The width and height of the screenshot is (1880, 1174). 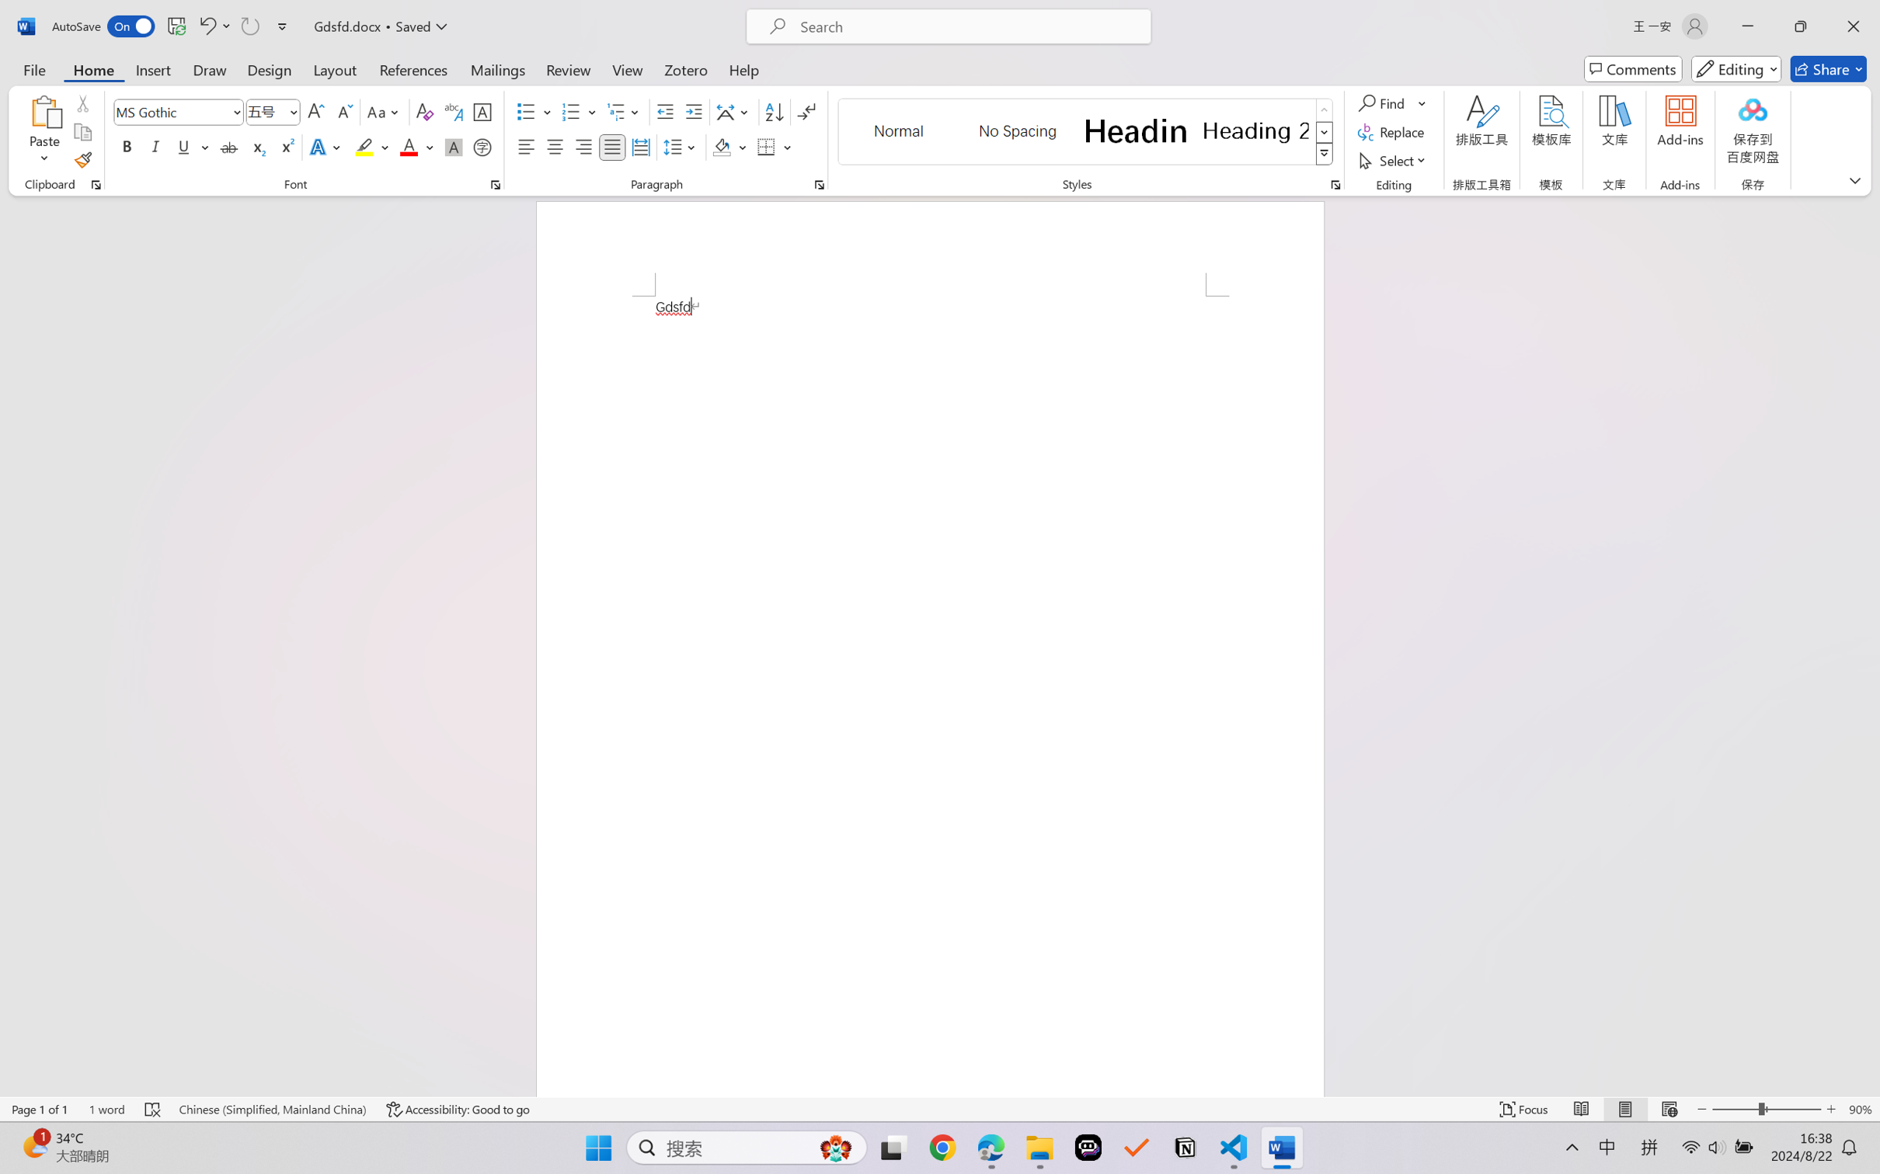 What do you see at coordinates (409, 146) in the screenshot?
I see `'Font Color Red'` at bounding box center [409, 146].